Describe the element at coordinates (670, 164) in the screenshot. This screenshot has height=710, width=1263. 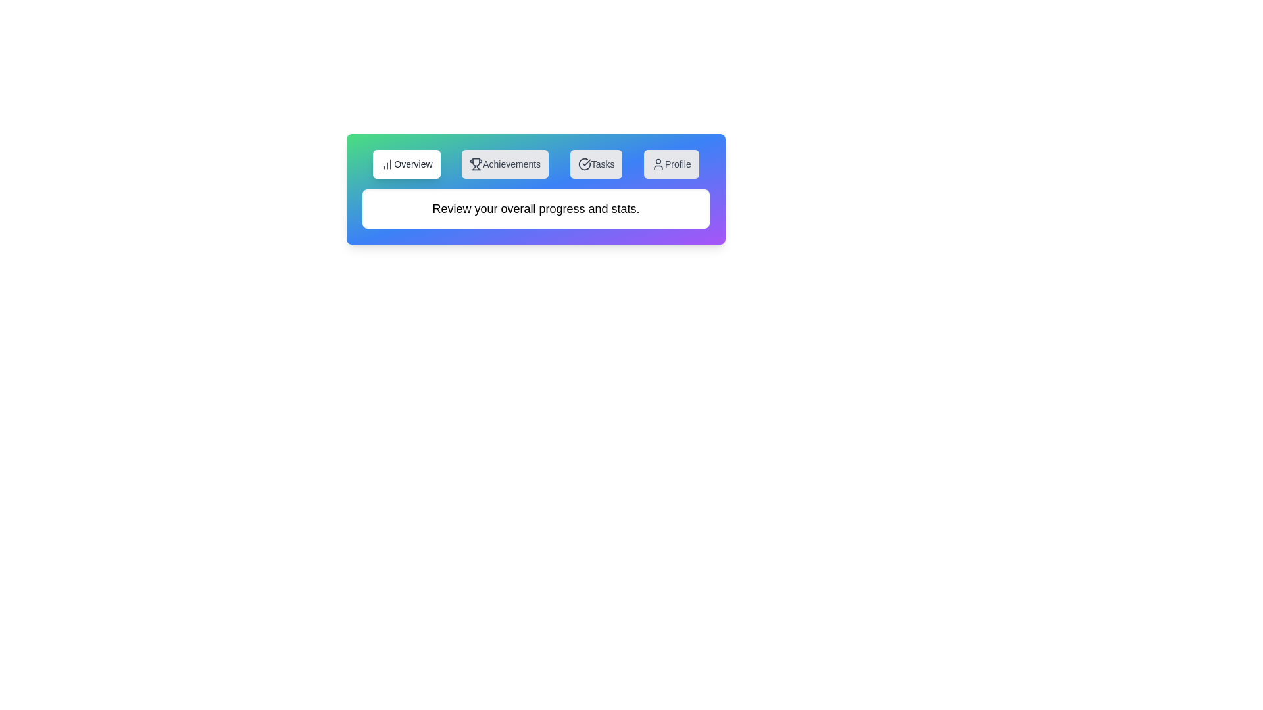
I see `the tab button Profile` at that location.